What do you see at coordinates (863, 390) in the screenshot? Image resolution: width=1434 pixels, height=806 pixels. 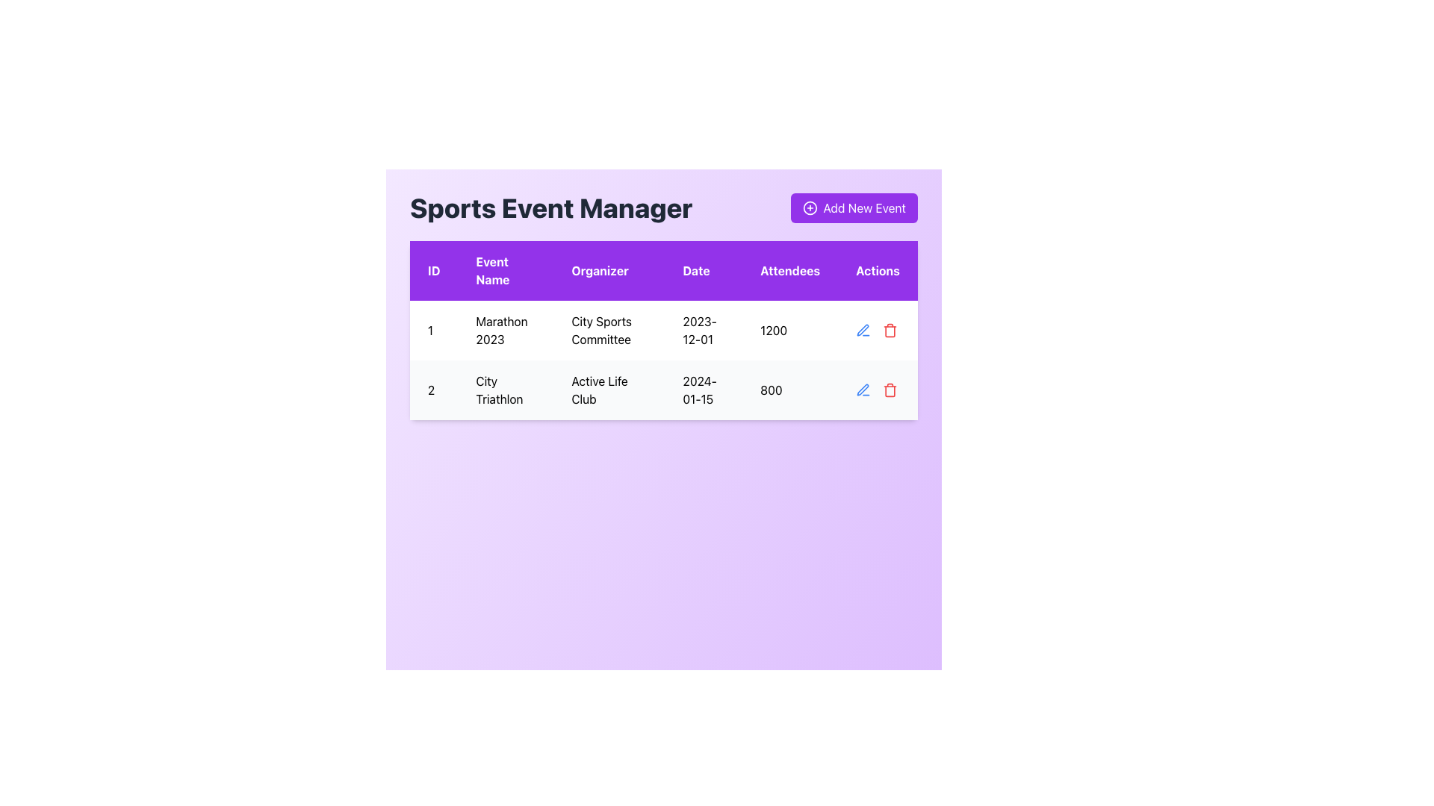 I see `the edit icon in the Actions section of the second row of the table to change its color` at bounding box center [863, 390].